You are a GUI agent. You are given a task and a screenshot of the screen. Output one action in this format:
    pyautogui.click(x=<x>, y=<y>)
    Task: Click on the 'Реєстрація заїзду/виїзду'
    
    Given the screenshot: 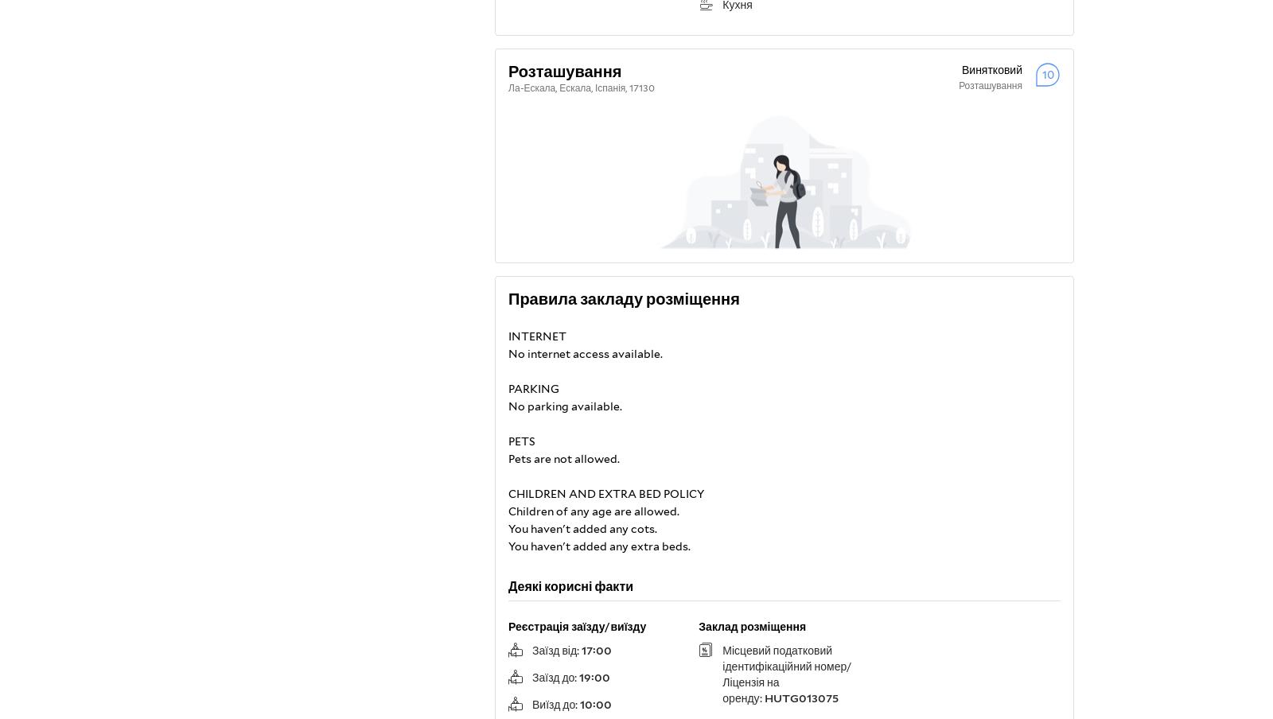 What is the action you would take?
    pyautogui.click(x=508, y=627)
    